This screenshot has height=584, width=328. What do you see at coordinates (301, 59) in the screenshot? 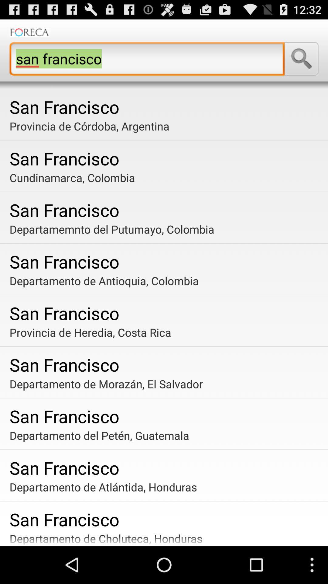
I see `the icon next to san francisco icon` at bounding box center [301, 59].